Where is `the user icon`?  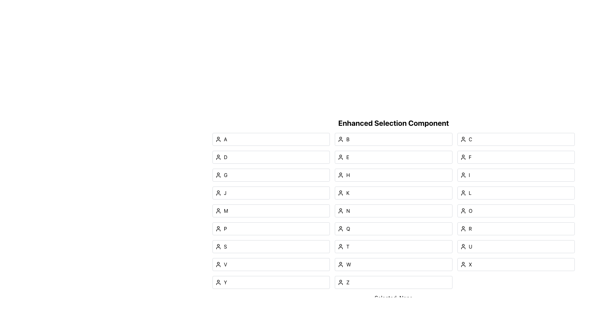
the user icon is located at coordinates (340, 246).